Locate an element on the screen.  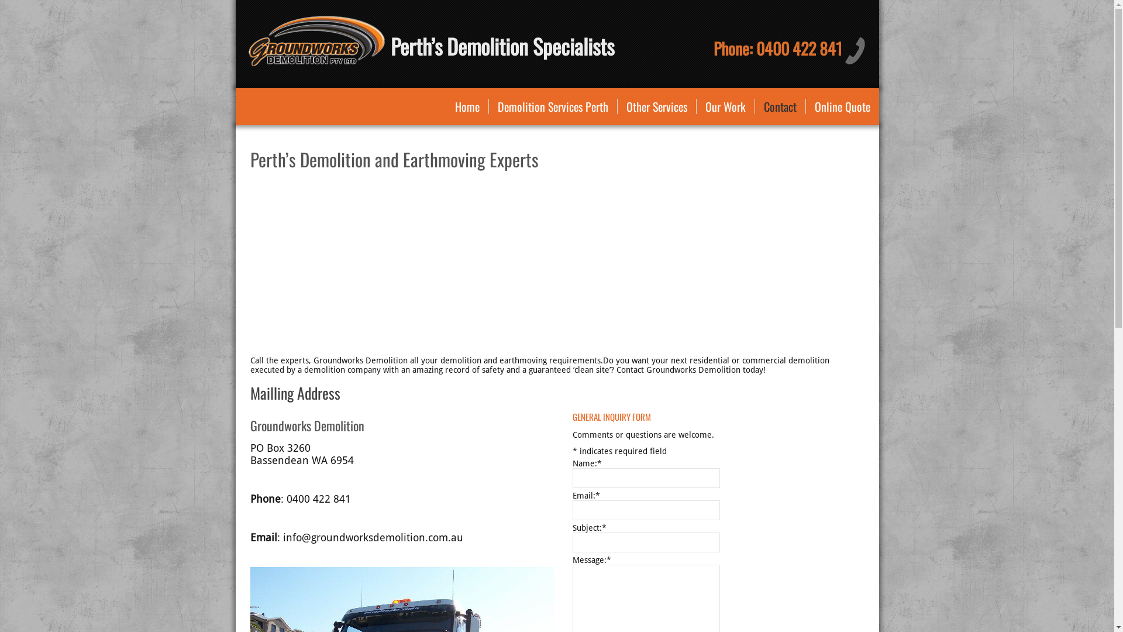
'Other Services' is located at coordinates (657, 106).